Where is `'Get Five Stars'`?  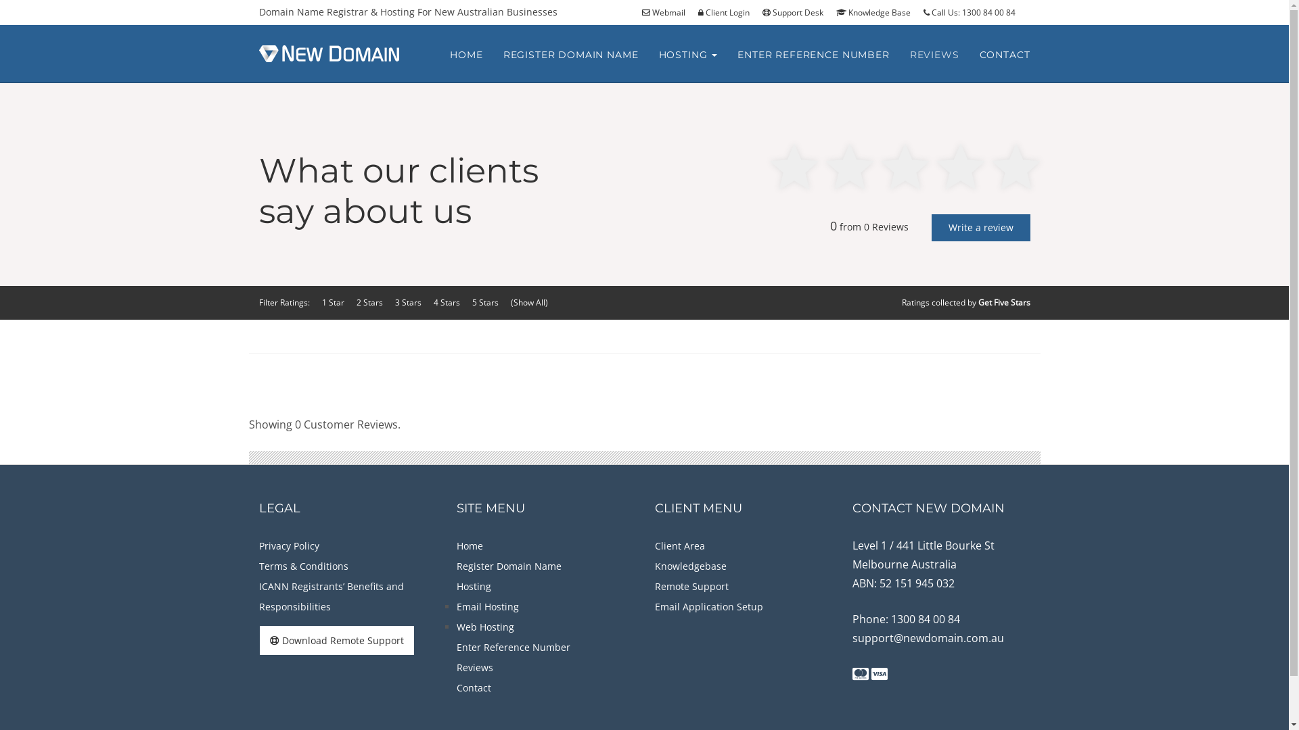
'Get Five Stars' is located at coordinates (978, 301).